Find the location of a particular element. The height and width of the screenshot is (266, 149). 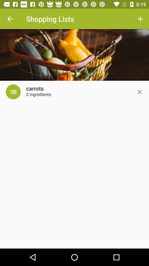

current tab is located at coordinates (139, 92).